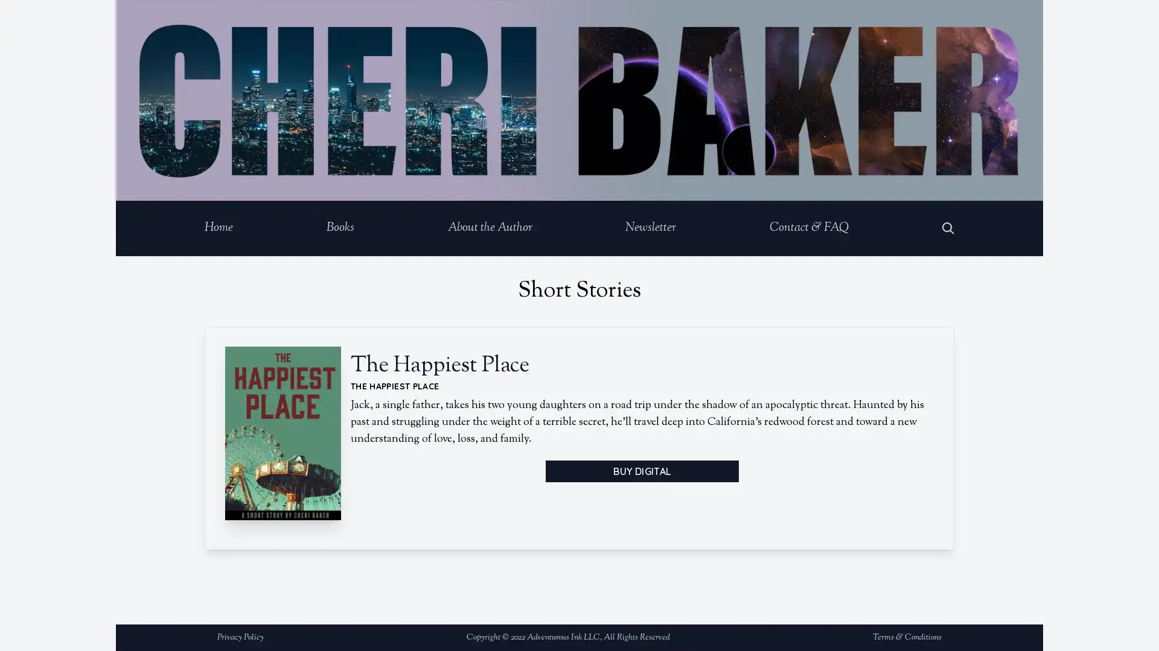 Image resolution: width=1159 pixels, height=651 pixels. I want to click on Open Search Dialog, so click(947, 228).